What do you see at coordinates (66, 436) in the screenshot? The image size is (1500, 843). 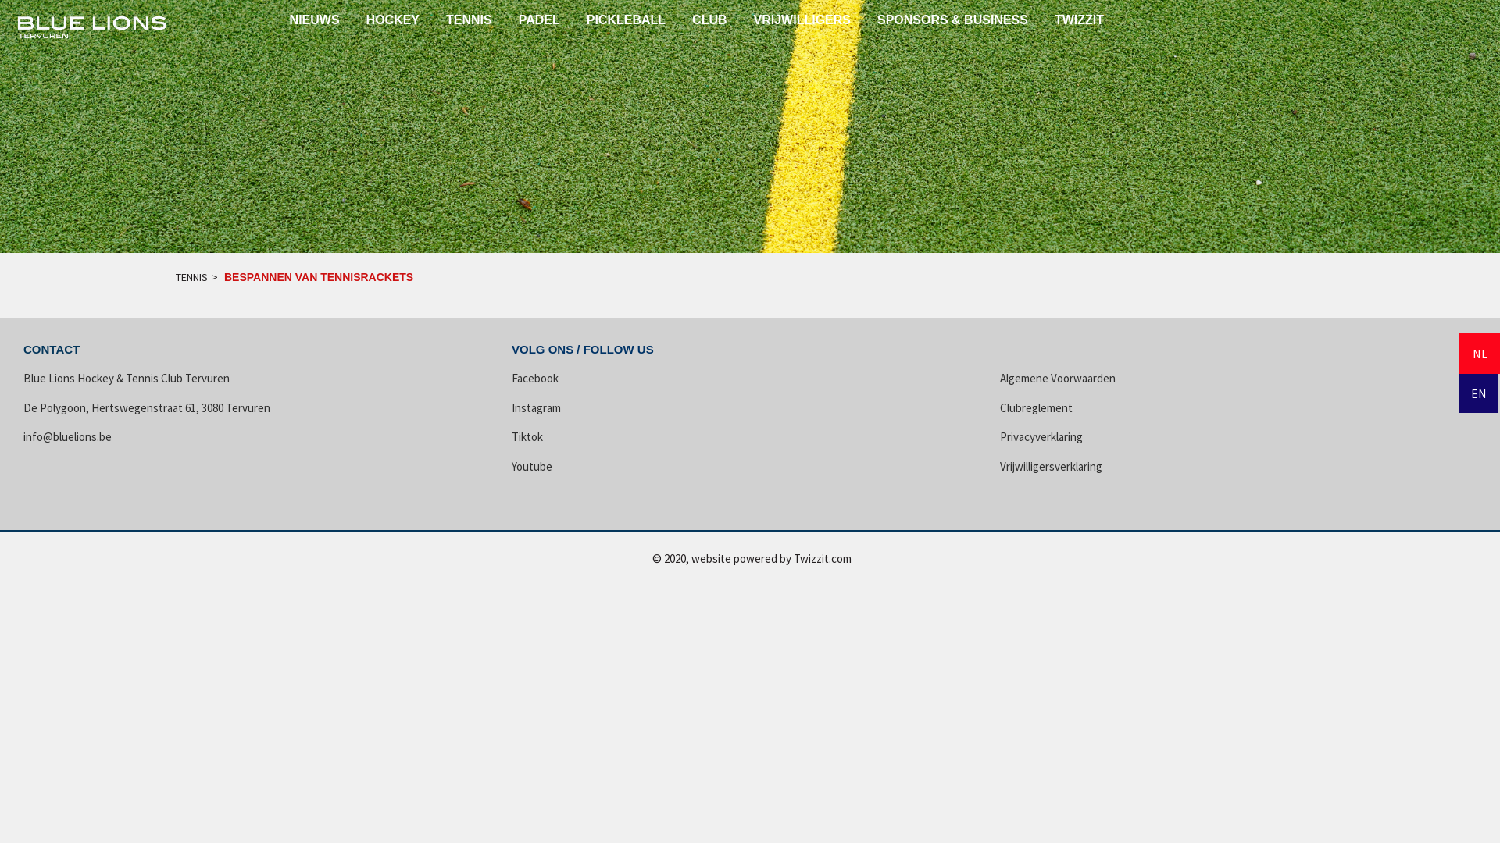 I see `'info@bluelions.be'` at bounding box center [66, 436].